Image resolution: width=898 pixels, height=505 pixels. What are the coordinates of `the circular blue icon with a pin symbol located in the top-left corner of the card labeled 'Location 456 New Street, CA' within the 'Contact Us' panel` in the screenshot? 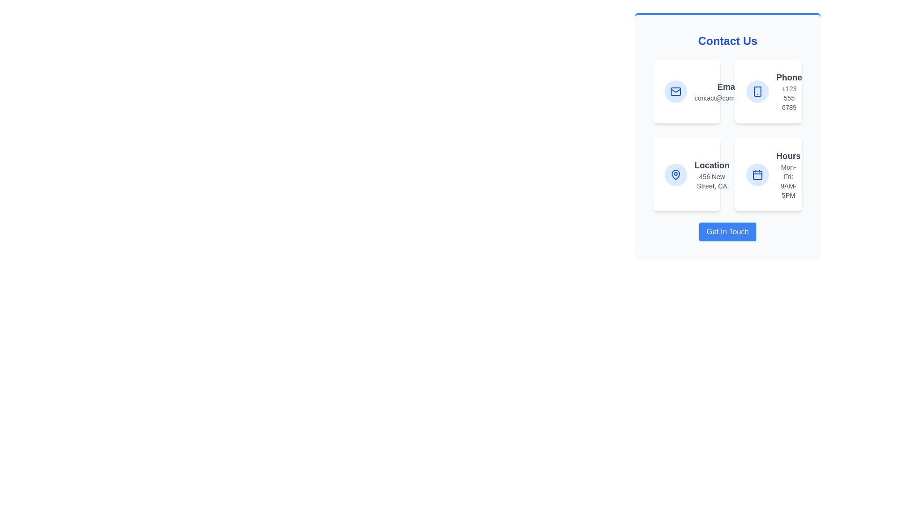 It's located at (675, 175).